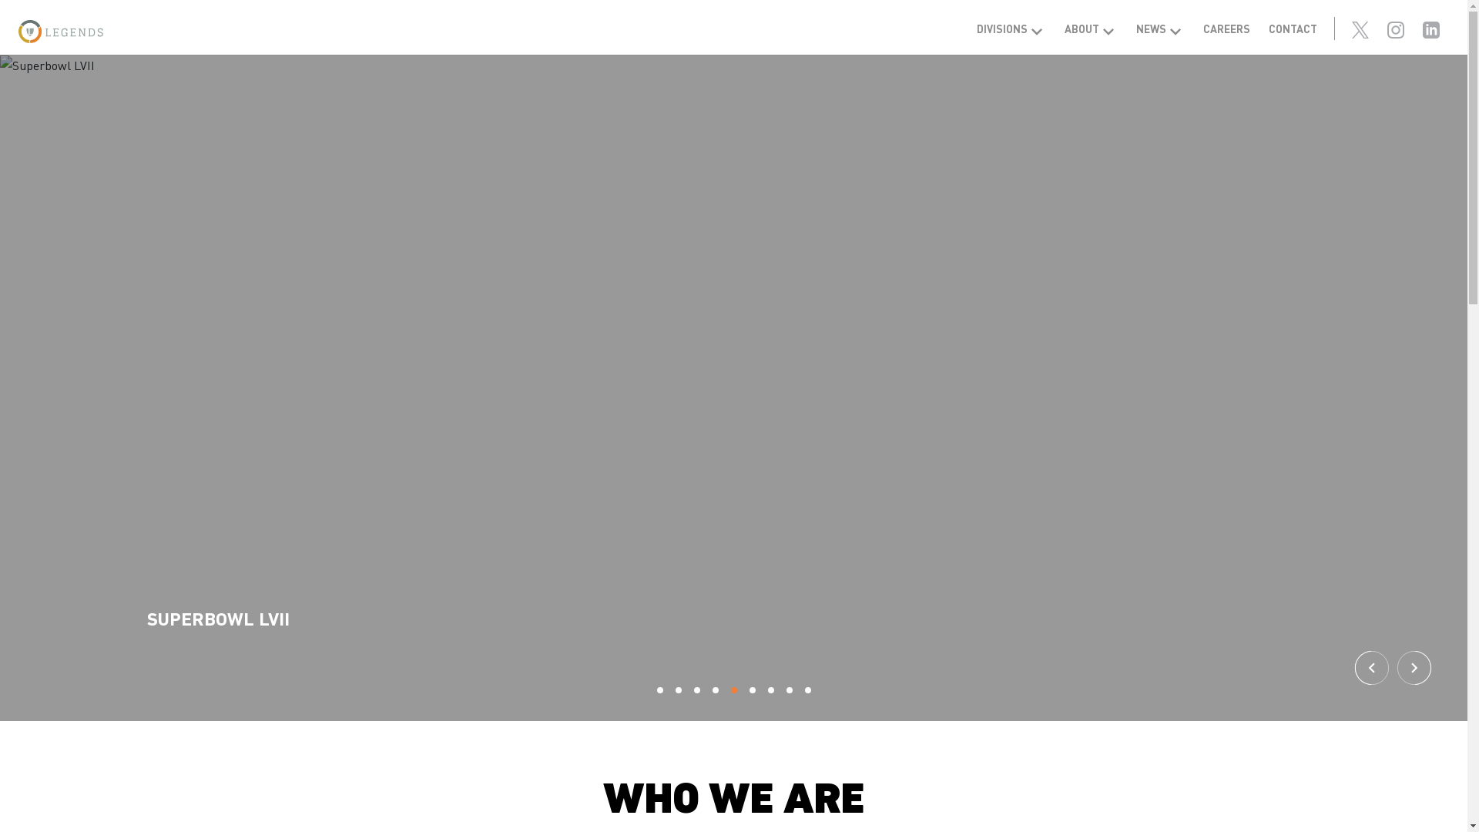 This screenshot has width=1479, height=832. Describe the element at coordinates (1090, 29) in the screenshot. I see `'ABOUT'` at that location.